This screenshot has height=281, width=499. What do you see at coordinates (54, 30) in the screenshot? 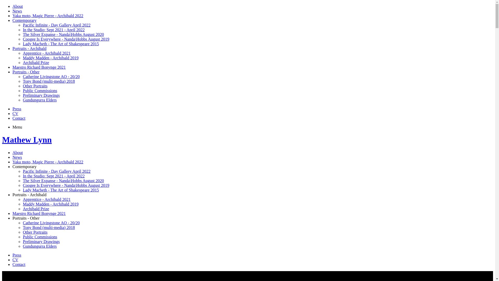
I see `'In the Studio: Sept 2021 - April 2022'` at bounding box center [54, 30].